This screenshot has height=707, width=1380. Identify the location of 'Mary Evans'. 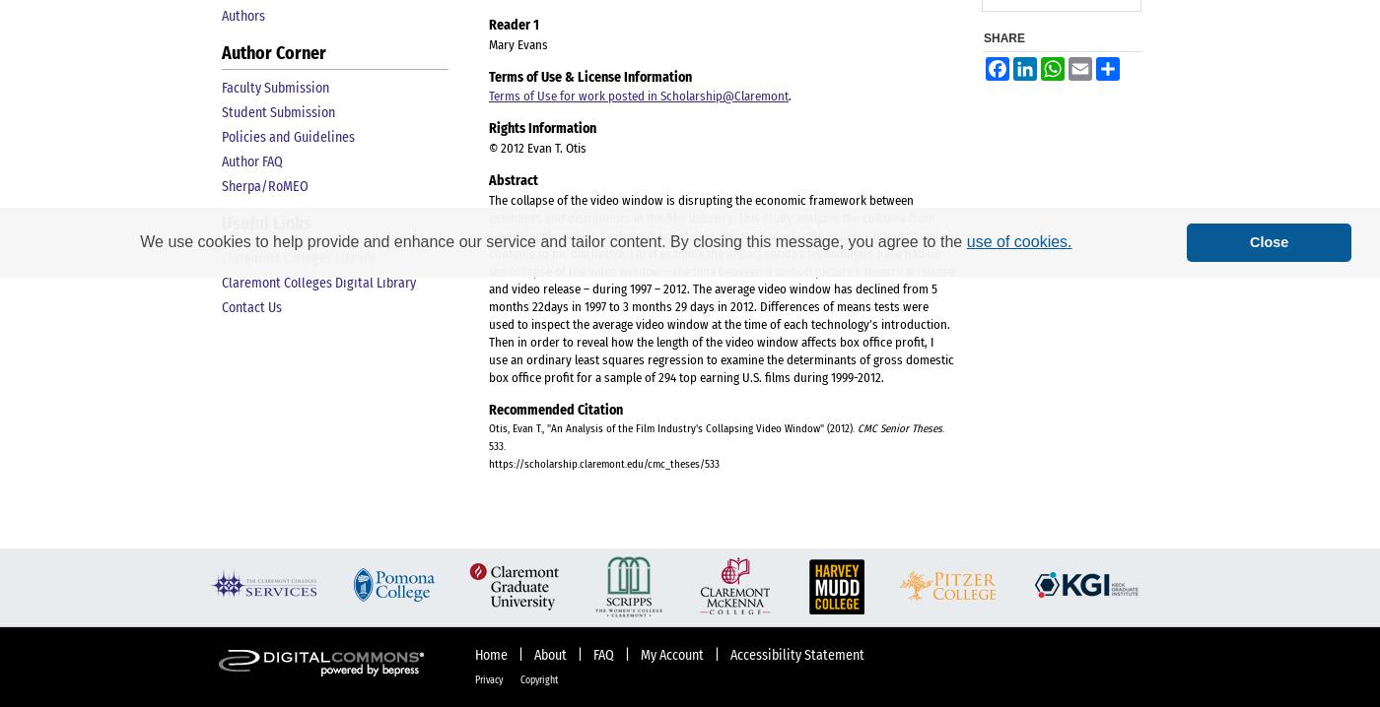
(517, 42).